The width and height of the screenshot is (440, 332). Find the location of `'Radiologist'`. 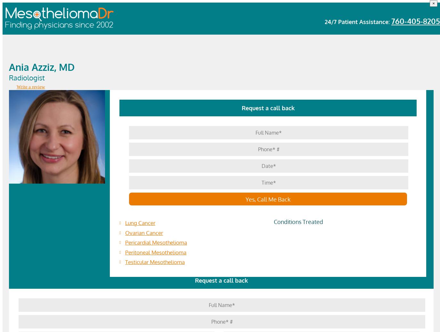

'Radiologist' is located at coordinates (26, 78).